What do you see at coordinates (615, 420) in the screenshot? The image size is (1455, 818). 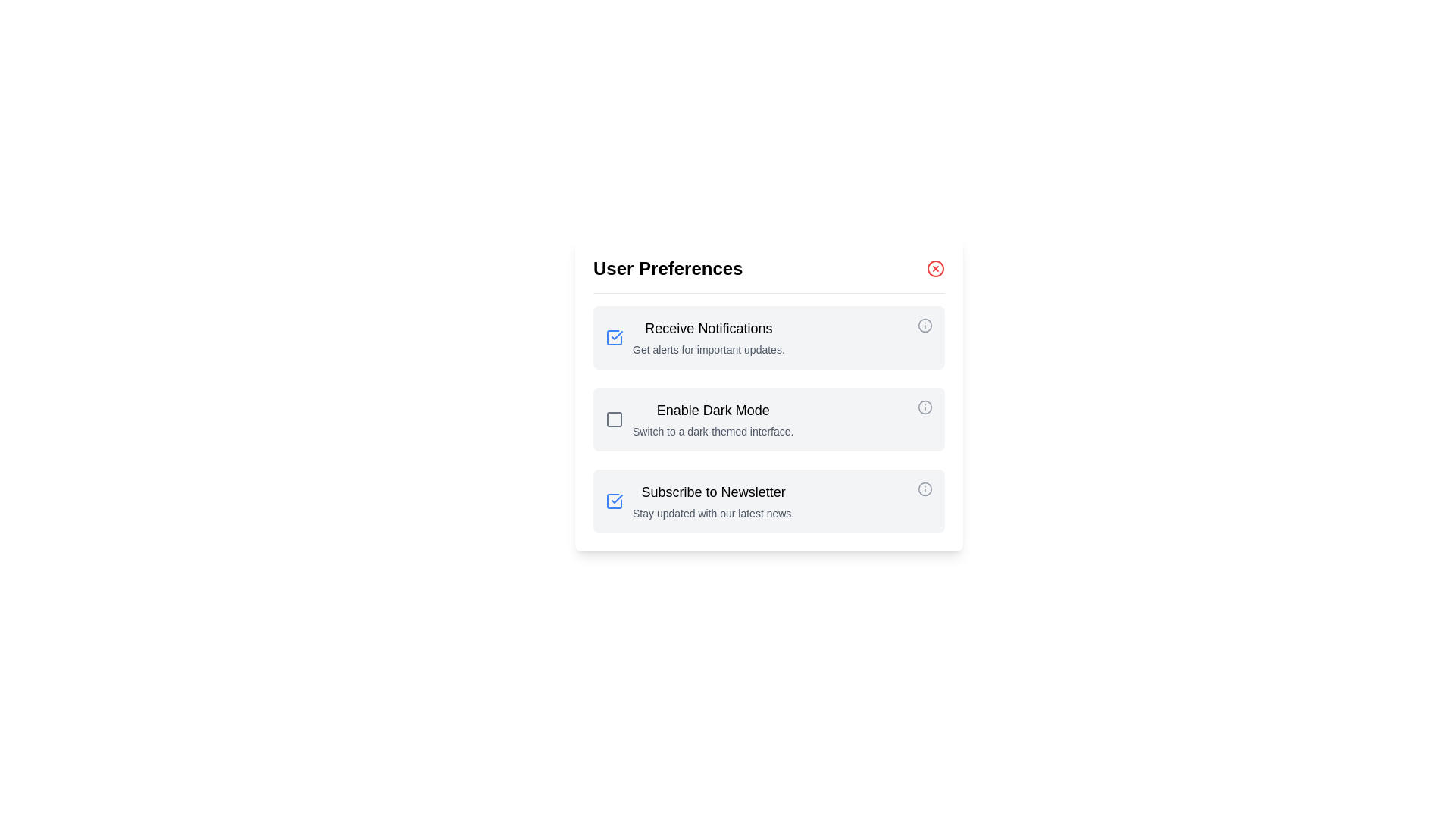 I see `the small square-shaped UI element with rounded corners located to the left of the 'Enable Dark Mode' text in the second option of the 'User Preferences' list` at bounding box center [615, 420].